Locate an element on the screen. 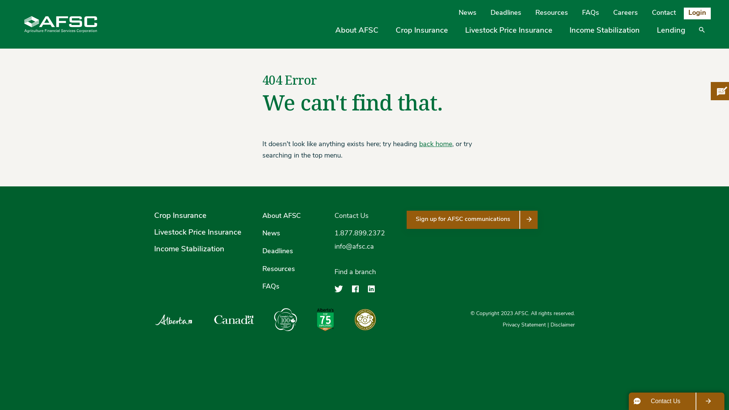 This screenshot has height=410, width=729. 'Login' is located at coordinates (683, 13).